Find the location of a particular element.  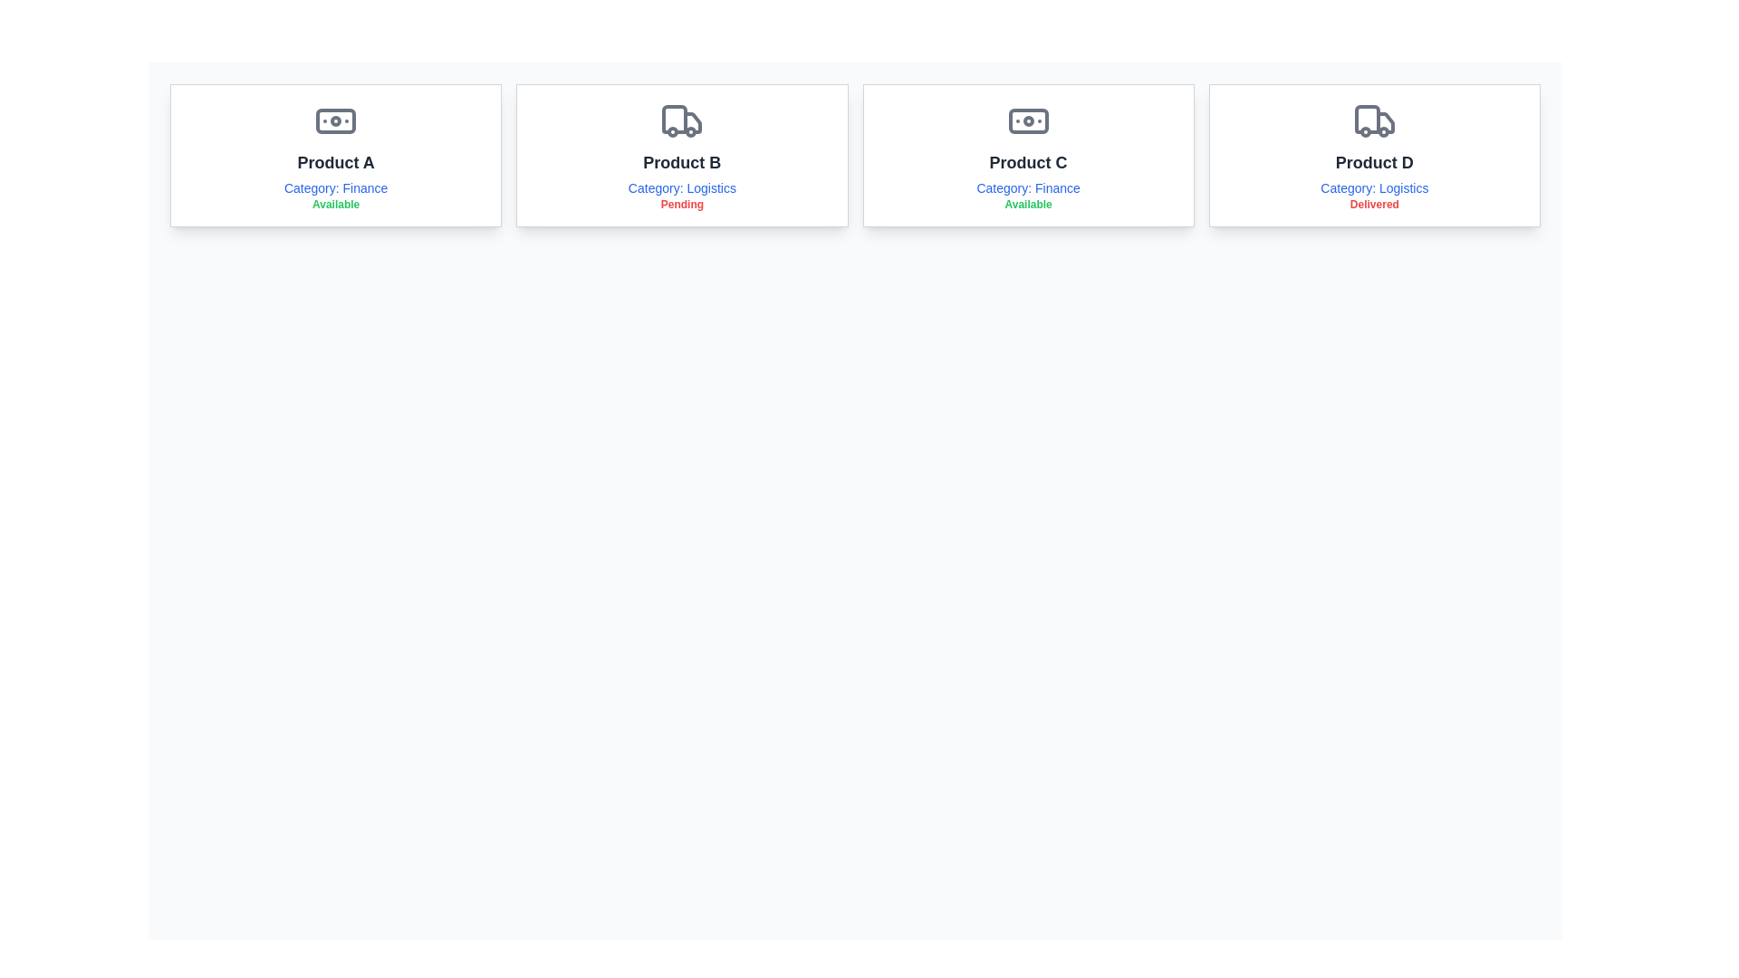

the Decorative SVG shape, which is a rectangular shape with rounded corners located on the left side of the 'Product A' icon at the top-left of a four-item row is located at coordinates (336, 121).